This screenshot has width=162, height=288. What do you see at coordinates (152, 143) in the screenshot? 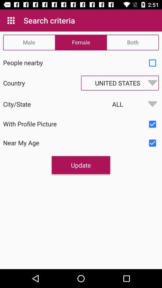
I see `deselect near my age` at bounding box center [152, 143].